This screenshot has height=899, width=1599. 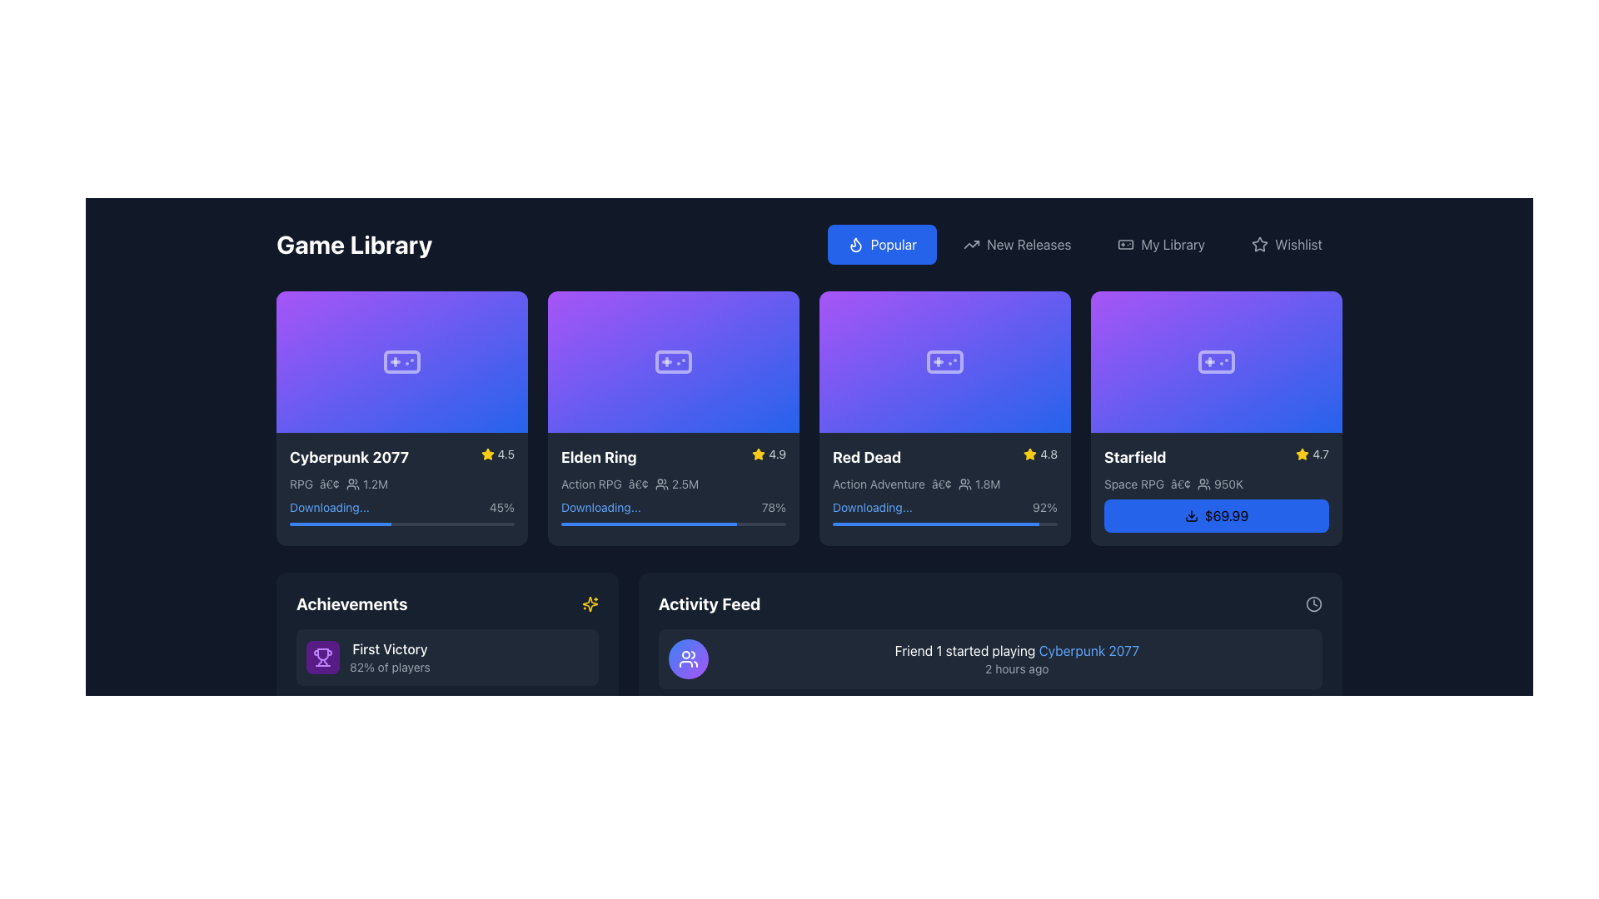 I want to click on the Text label indicating the current download status of the associated game, located in the third game card, bottom-left near the progress bar and to the left of the percentage indicator ('92%'), so click(x=871, y=506).